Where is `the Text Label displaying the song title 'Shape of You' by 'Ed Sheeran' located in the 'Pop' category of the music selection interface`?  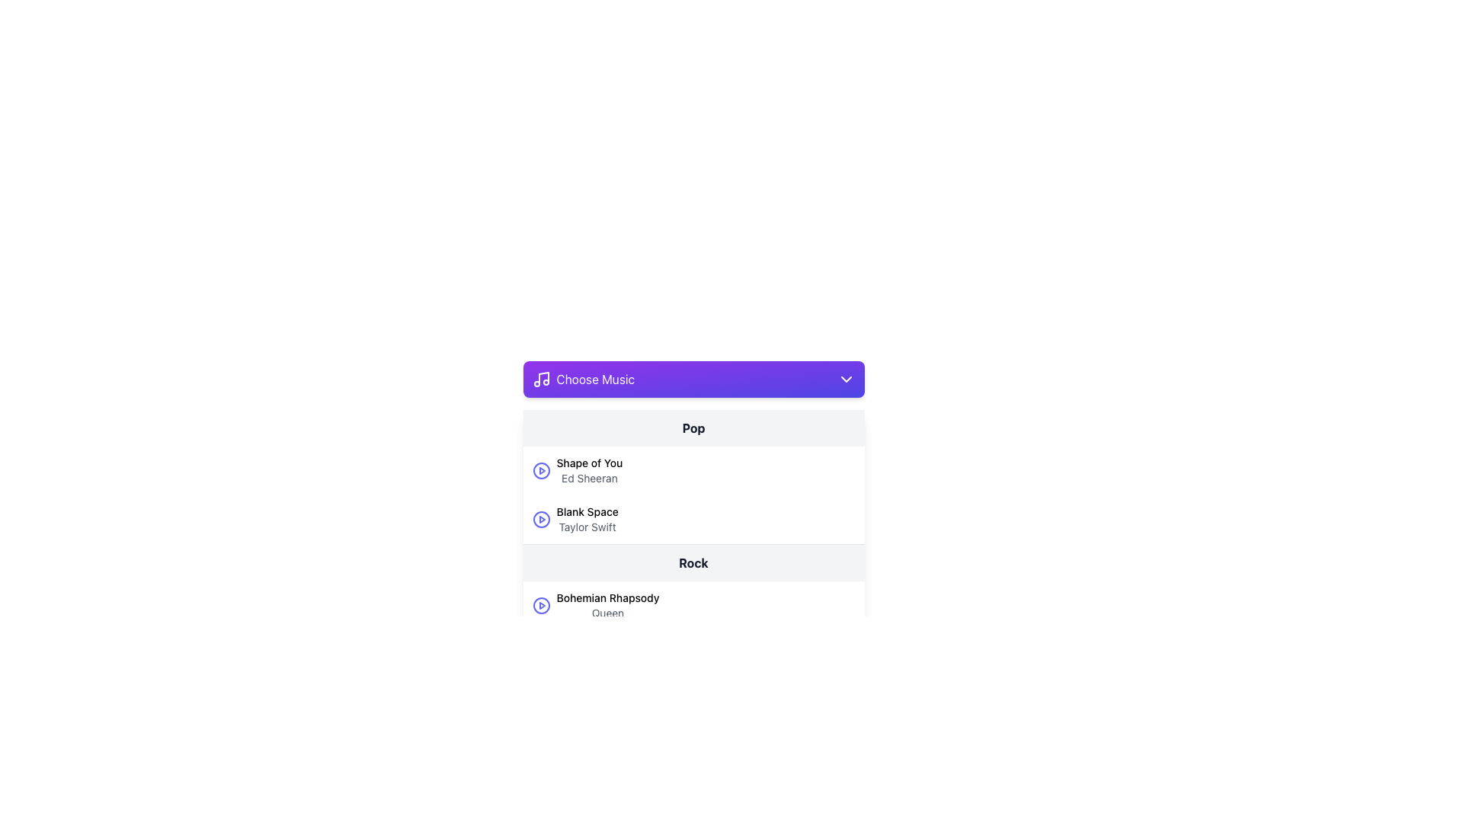
the Text Label displaying the song title 'Shape of You' by 'Ed Sheeran' located in the 'Pop' category of the music selection interface is located at coordinates (588, 469).